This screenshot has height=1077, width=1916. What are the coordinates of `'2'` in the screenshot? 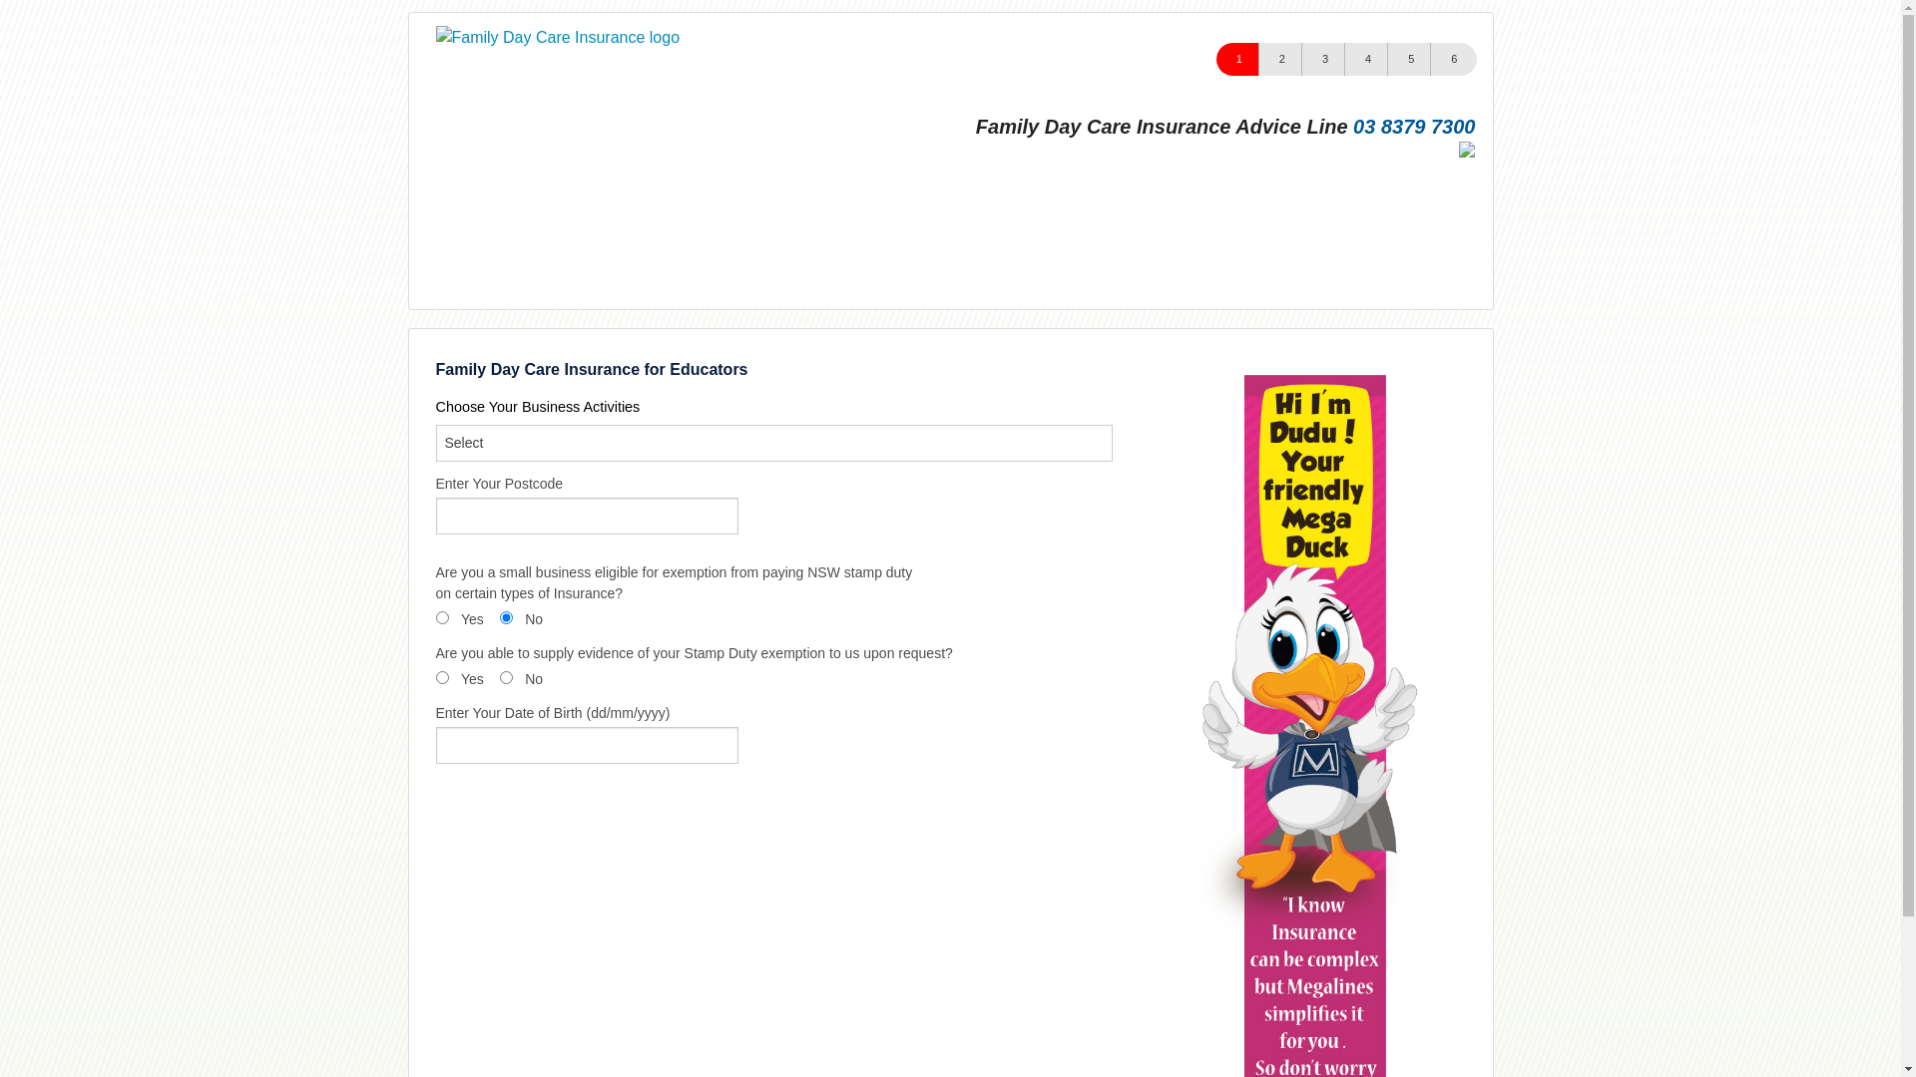 It's located at (1281, 58).